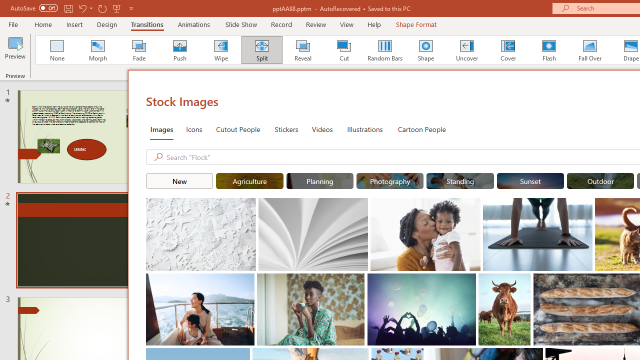 This screenshot has width=640, height=360. I want to click on 'Design', so click(107, 24).